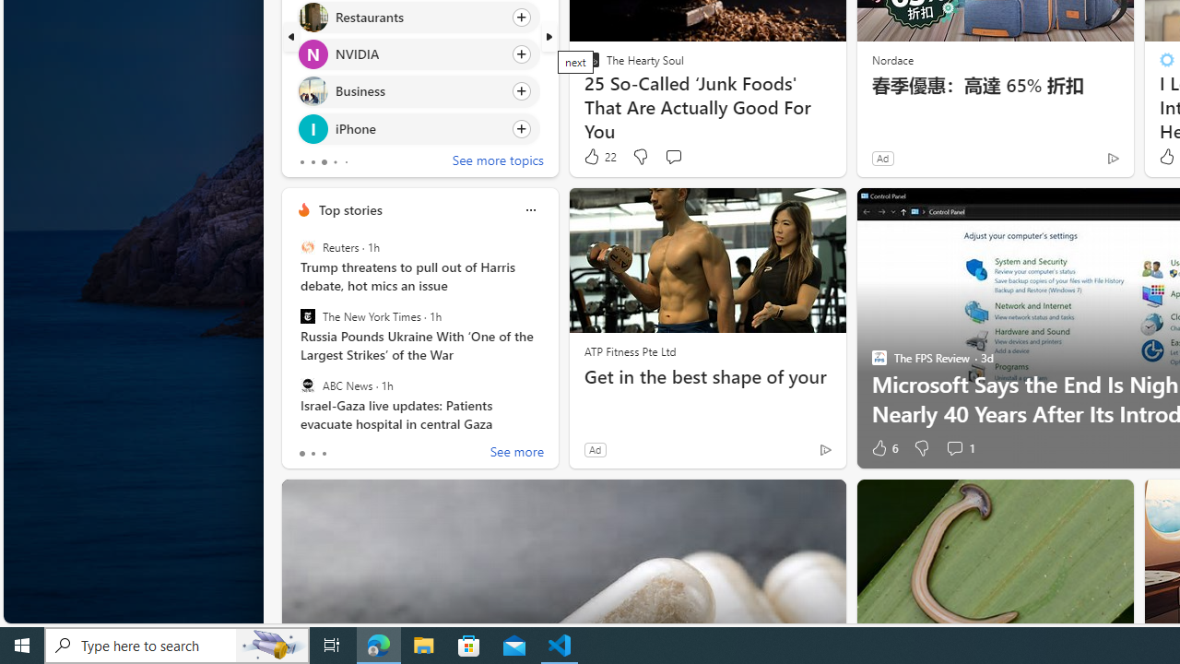  I want to click on 'Click to follow topic NVIDIA', so click(417, 53).